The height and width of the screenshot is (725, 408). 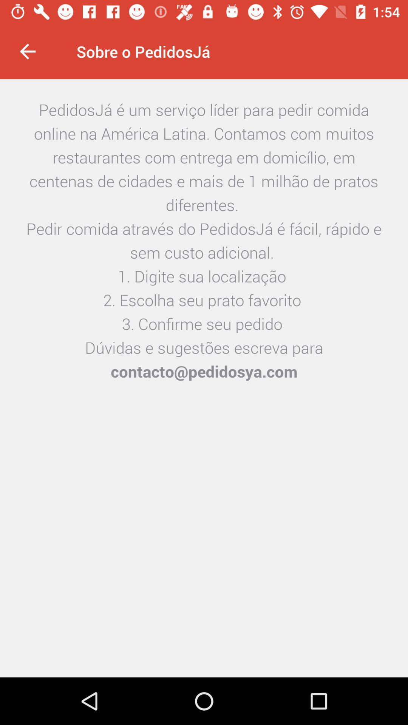 What do you see at coordinates (27, 51) in the screenshot?
I see `the icon at the top left corner` at bounding box center [27, 51].